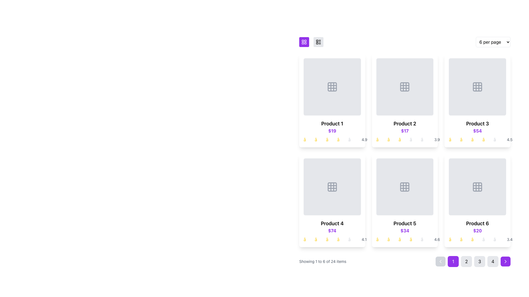 The width and height of the screenshot is (529, 297). I want to click on the grid-like icon composed of three horizontal and three vertical lines, located in the lower-left corner of the fourth product labeled 'Product 4', so click(332, 186).